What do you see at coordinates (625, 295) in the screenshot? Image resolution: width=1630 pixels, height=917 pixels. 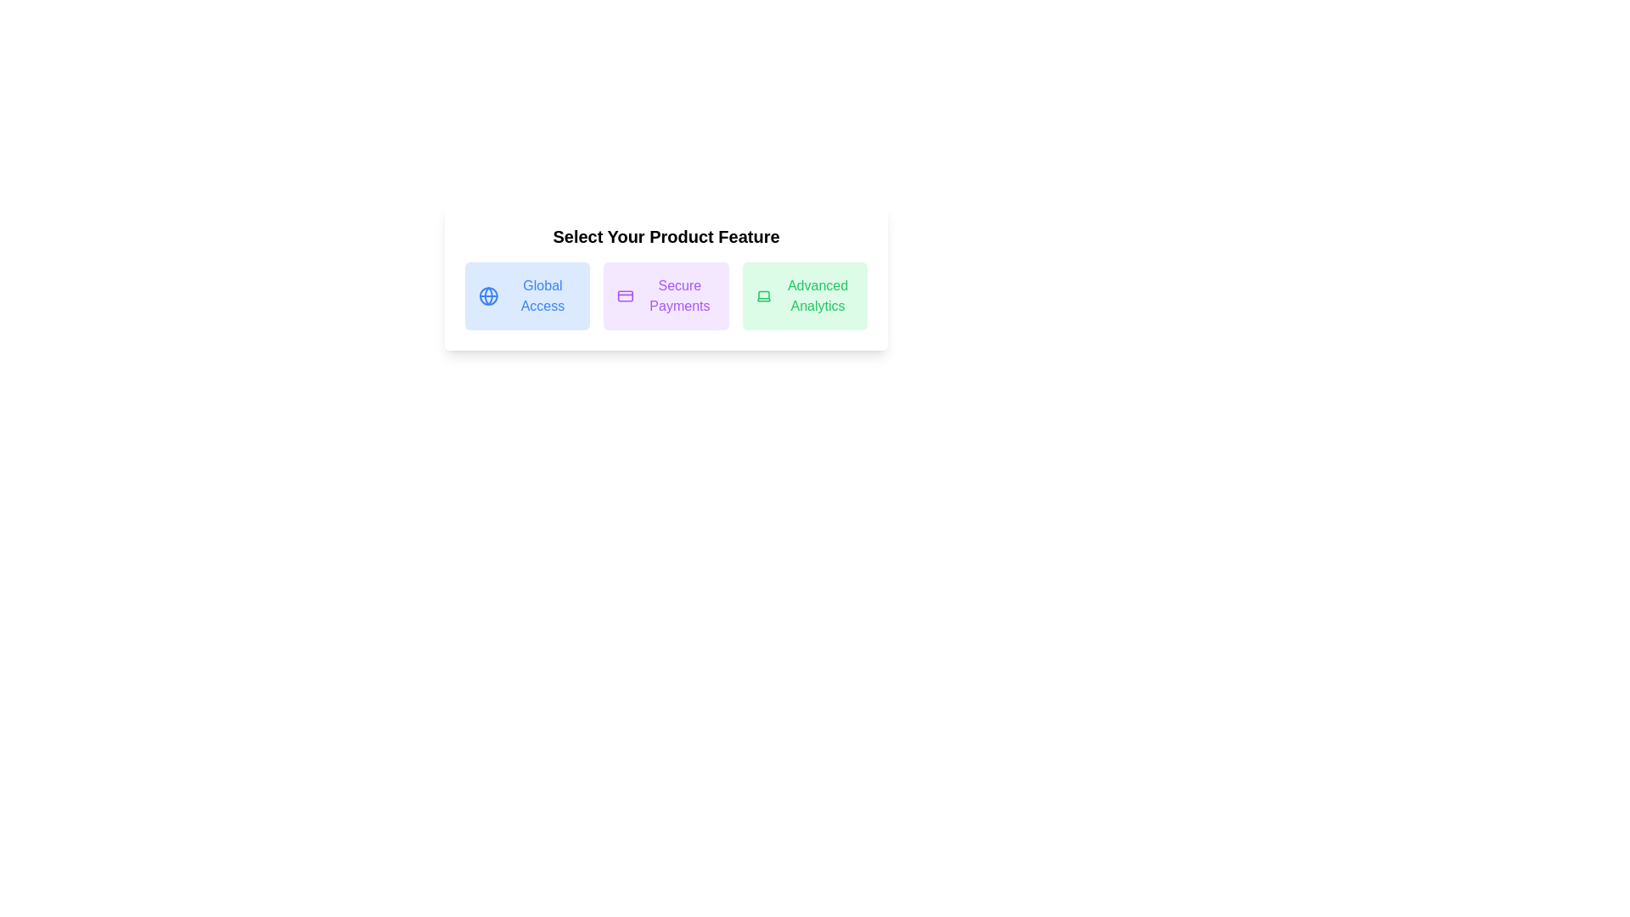 I see `the small rectangular shape with rounded corners that is part of the 'Secure Payments' icon, located in the center of the second feature card from the left under the title 'Select Your Product Feature.'` at bounding box center [625, 295].